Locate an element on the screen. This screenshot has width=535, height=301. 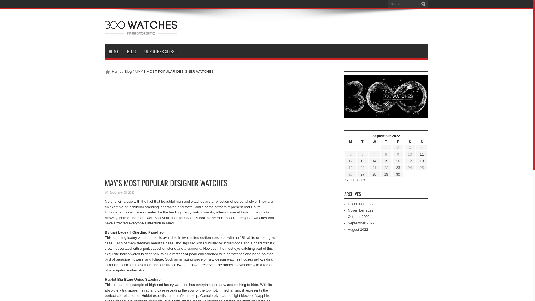
'BLOG' is located at coordinates (131, 51).